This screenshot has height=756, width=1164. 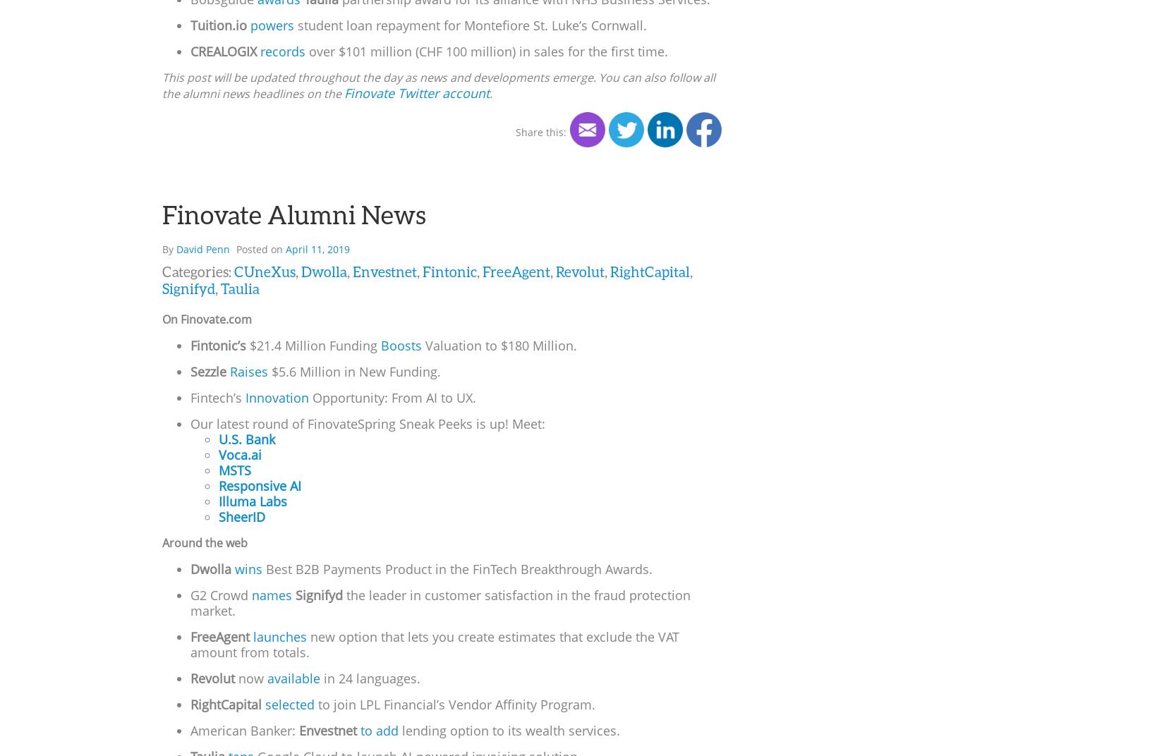 I want to click on 'Raises', so click(x=248, y=371).